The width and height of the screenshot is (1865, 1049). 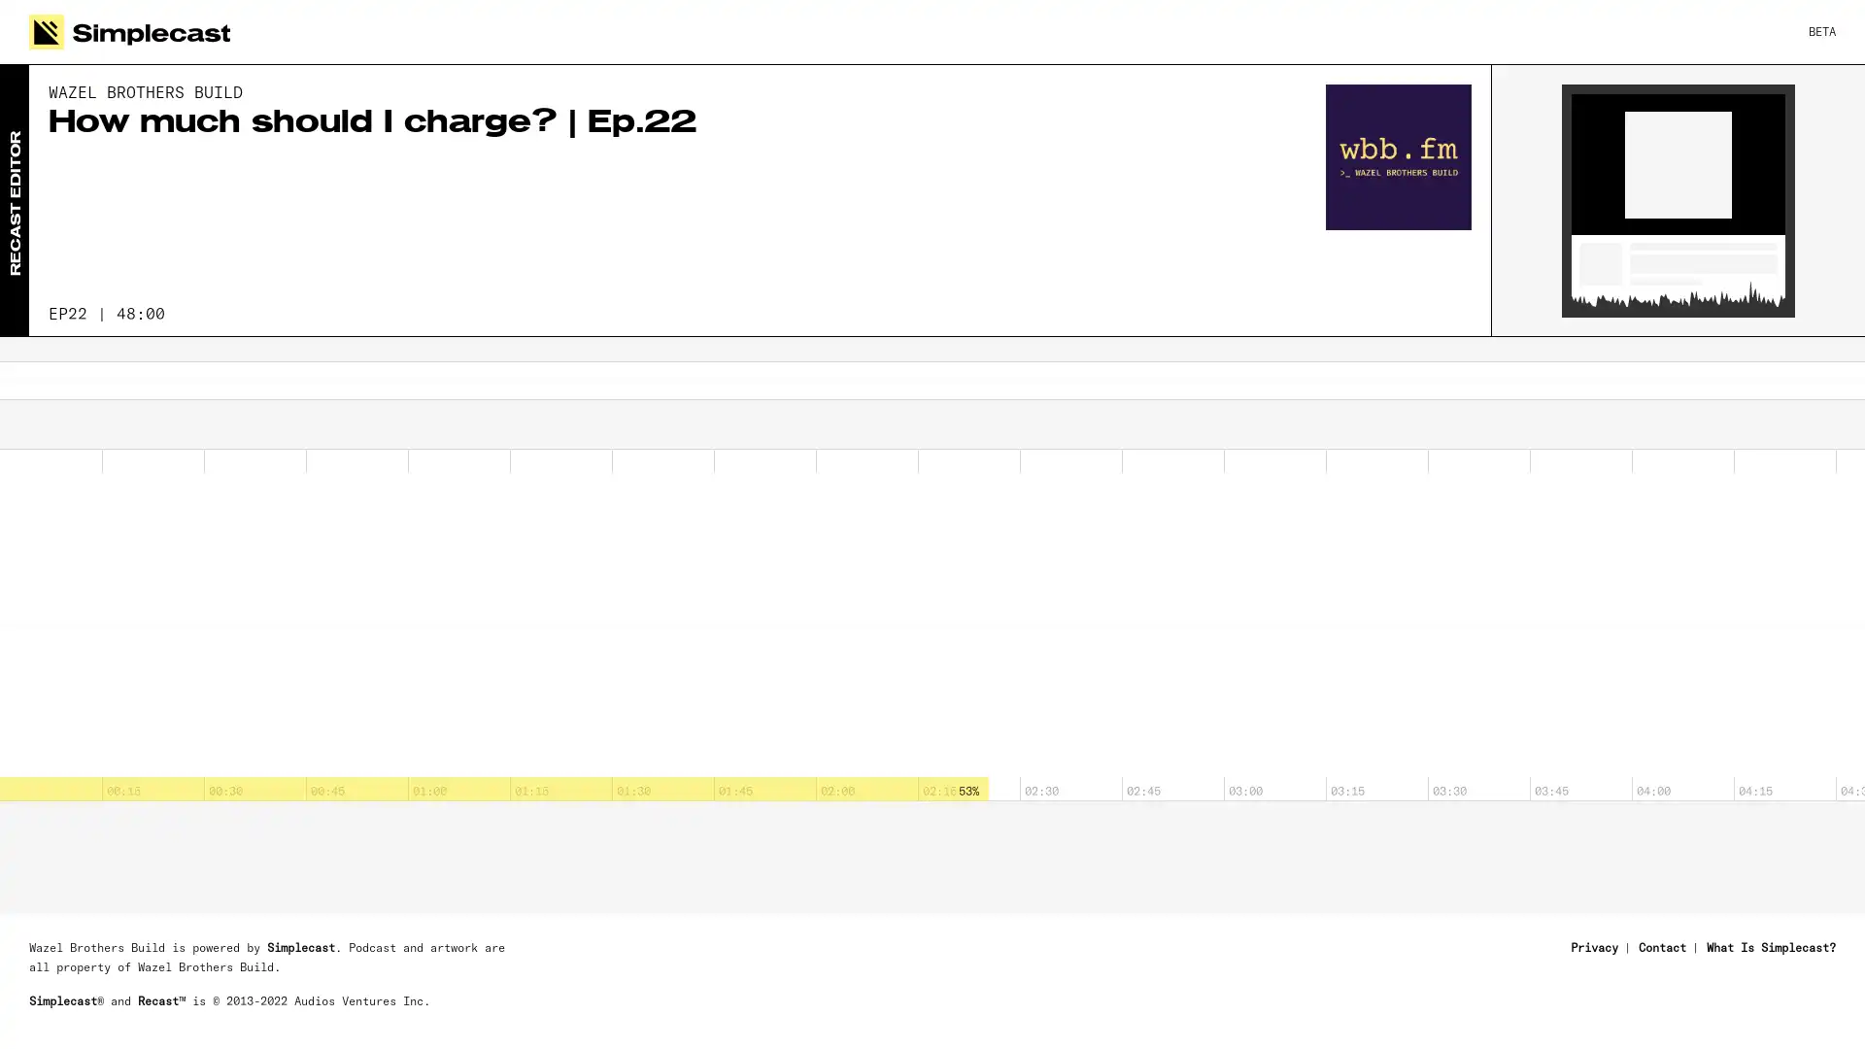 I want to click on 30s, so click(x=48, y=429).